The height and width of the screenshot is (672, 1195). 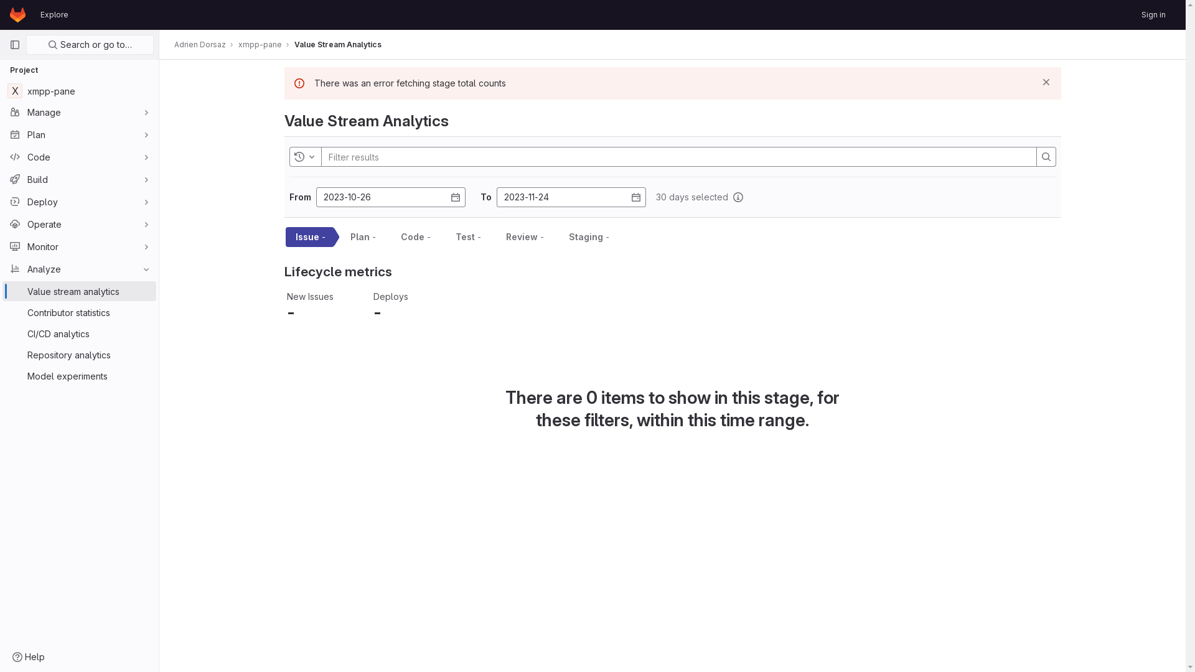 What do you see at coordinates (2, 246) in the screenshot?
I see `'Monitor'` at bounding box center [2, 246].